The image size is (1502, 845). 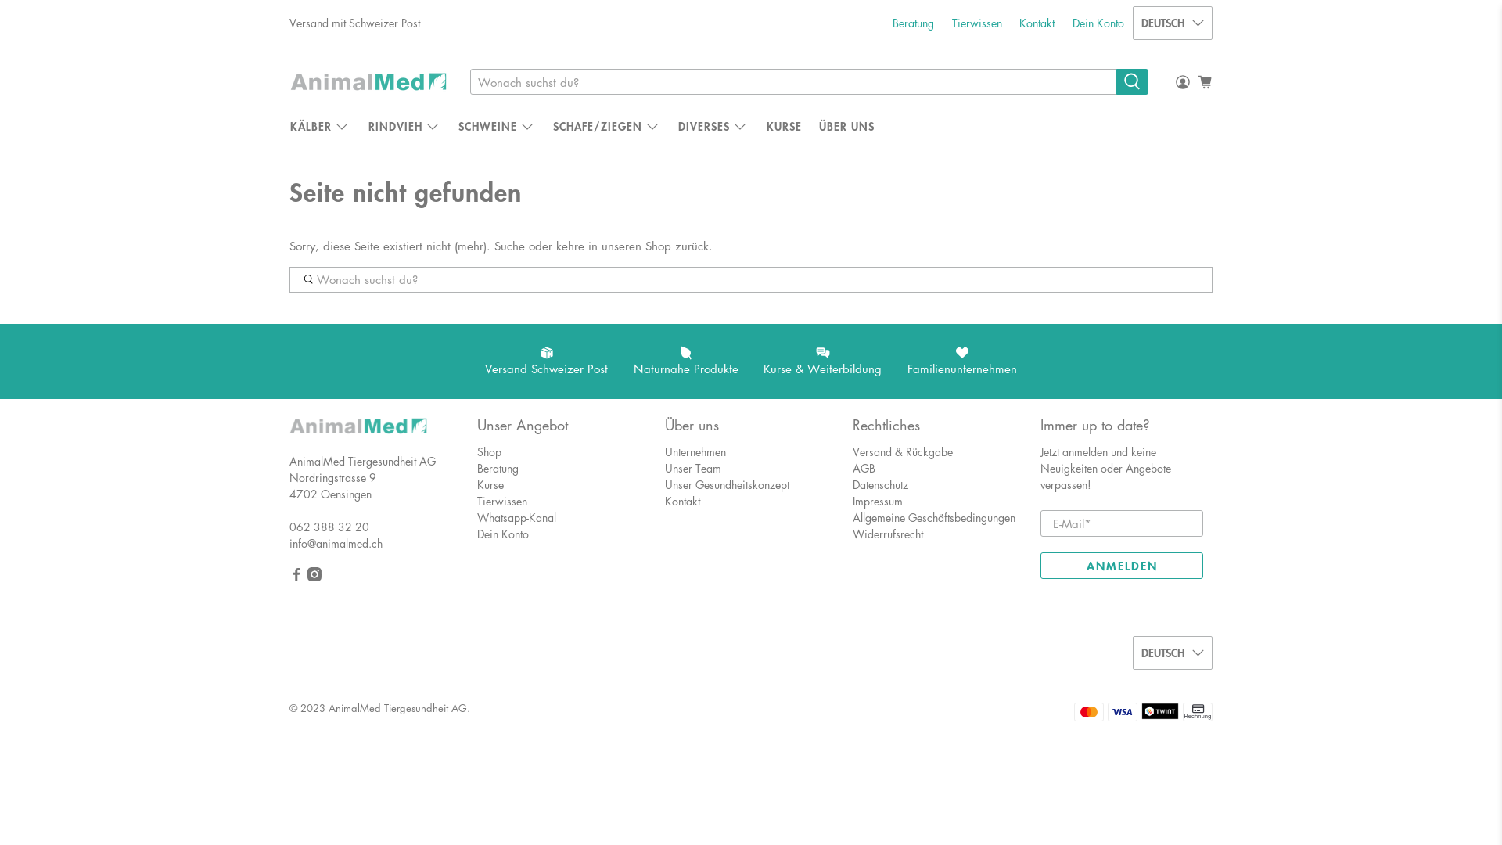 I want to click on 'AnimalMed Tiergesundheit AG on Instagram', so click(x=314, y=576).